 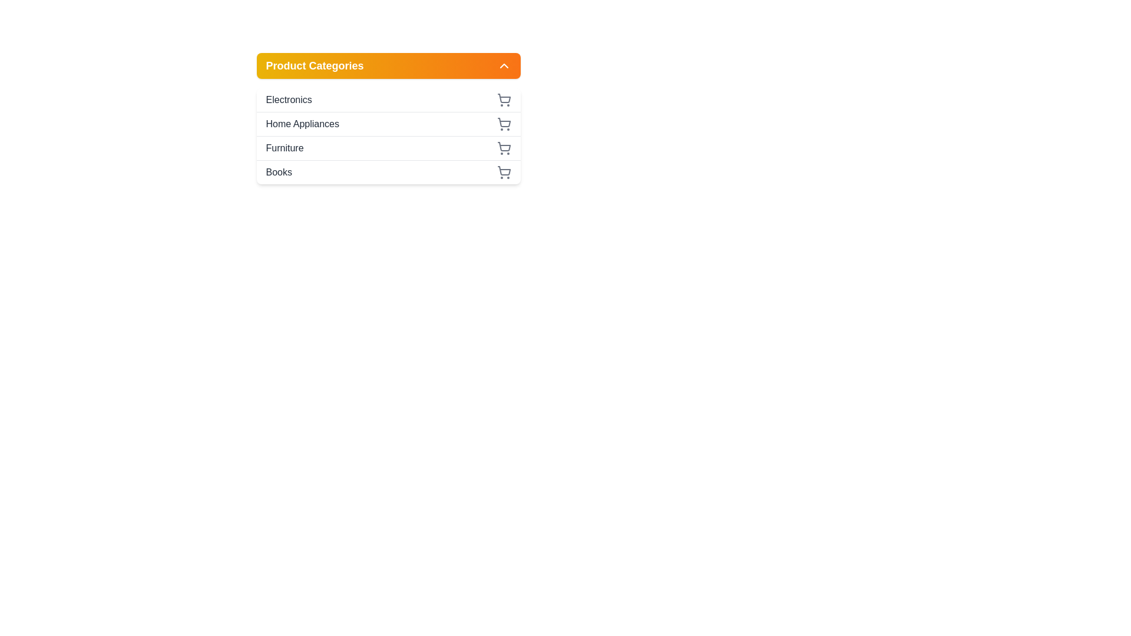 I want to click on the graphical representation of the shopping cart icon, which is the third icon in the list, located in the Furniture category row and designed with minimalistic thin lines in gray, so click(x=504, y=146).